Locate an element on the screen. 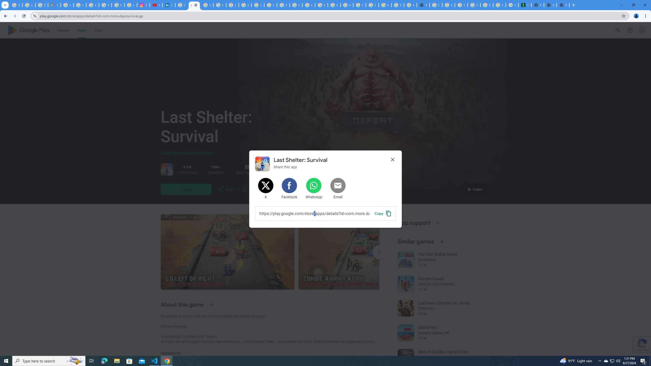 The height and width of the screenshot is (366, 651). 'Copy link to clipboard' is located at coordinates (383, 213).